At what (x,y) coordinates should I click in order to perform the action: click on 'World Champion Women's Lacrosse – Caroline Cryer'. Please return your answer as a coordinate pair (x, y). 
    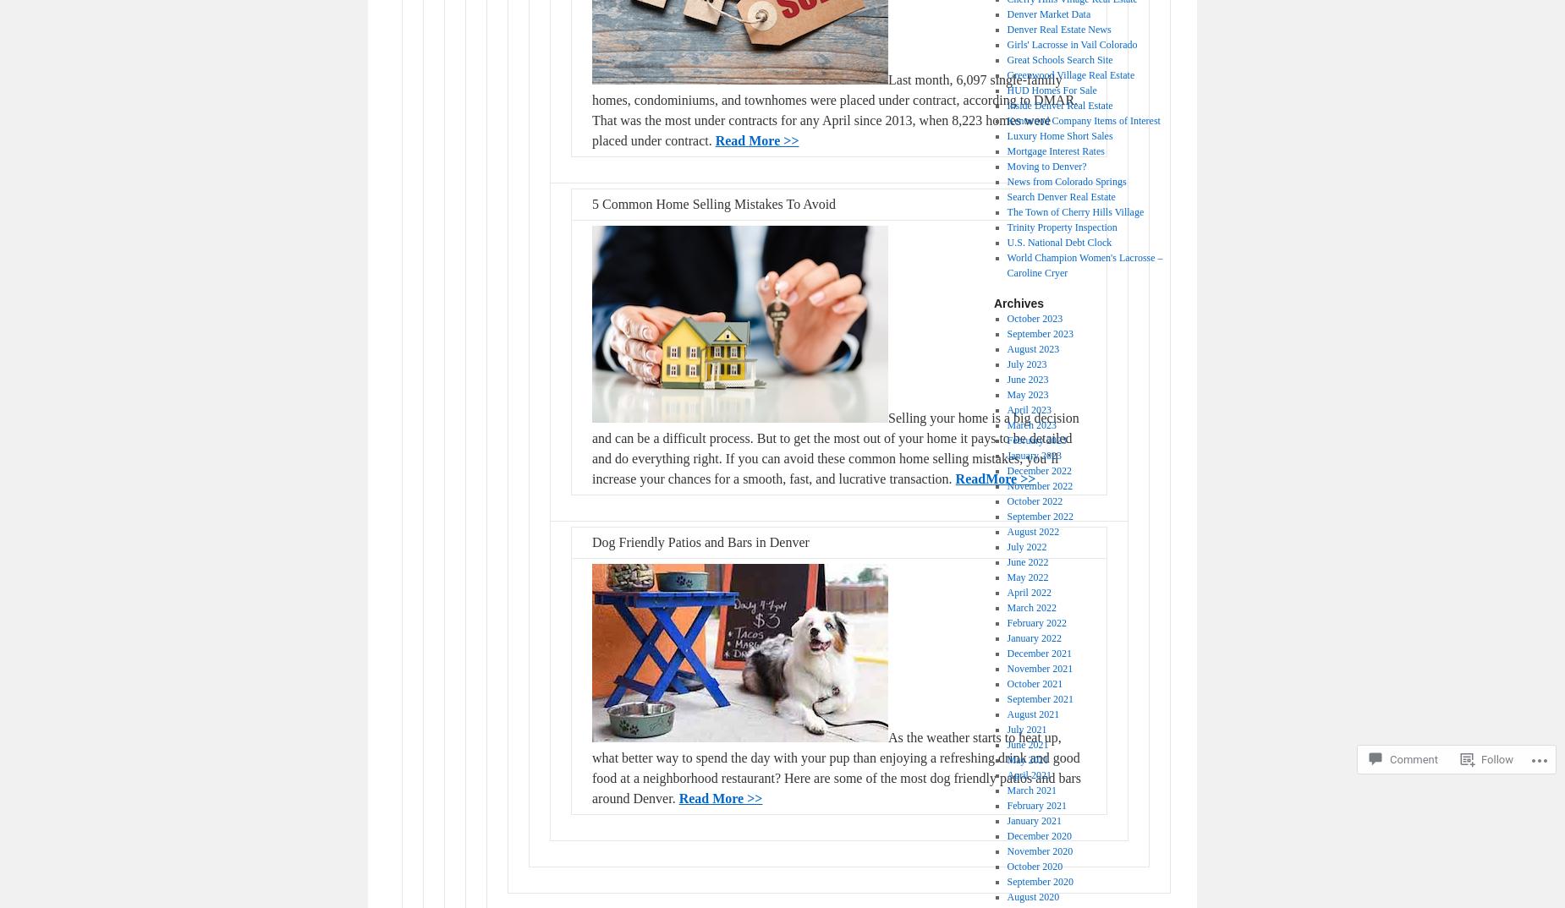
    Looking at the image, I should click on (1005, 265).